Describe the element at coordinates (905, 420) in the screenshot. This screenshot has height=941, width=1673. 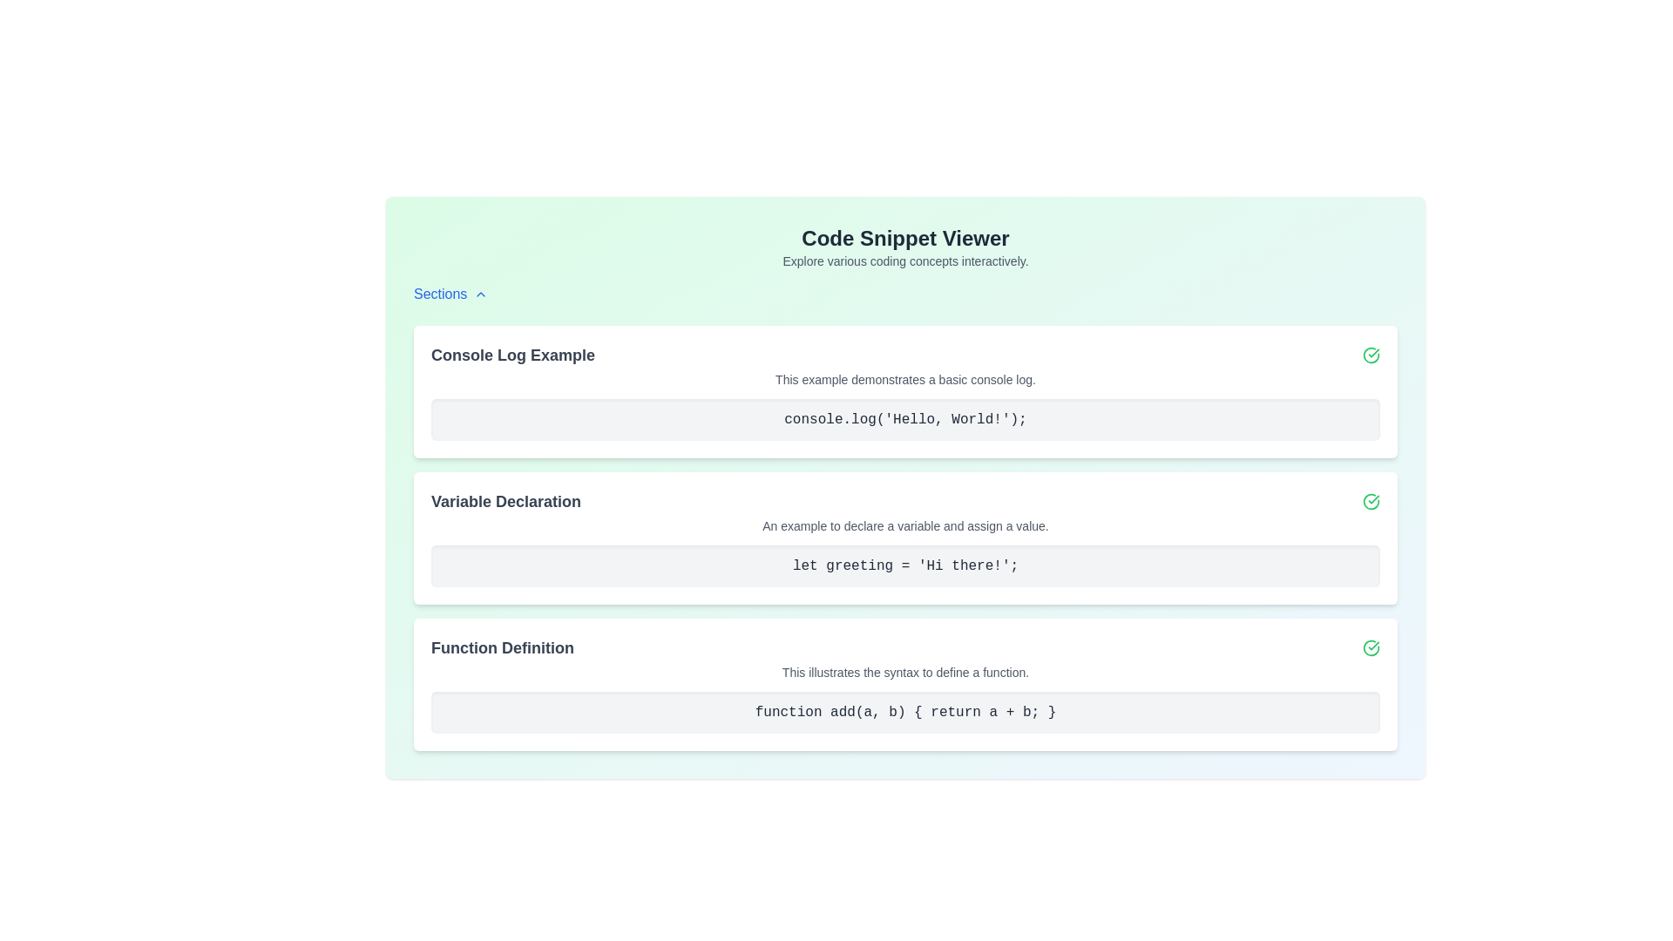
I see `the code snippet element that serves as an example of a JavaScript console log statement, centrally aligned within the 'Console Log Example' code block` at that location.